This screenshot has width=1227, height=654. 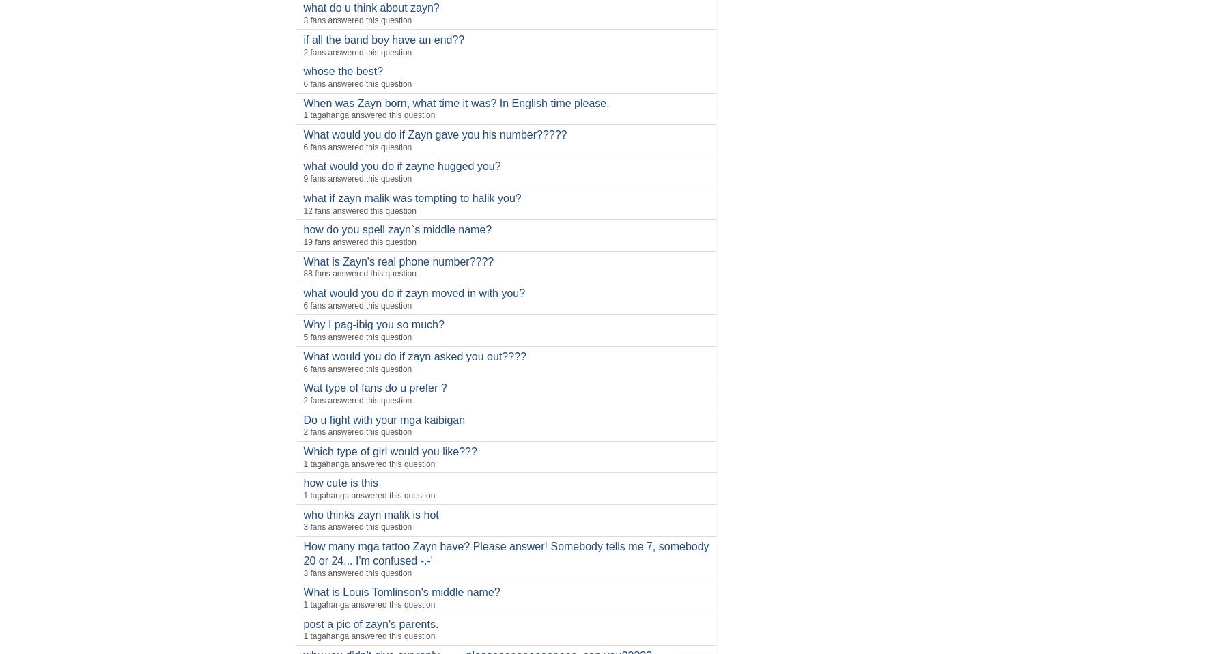 What do you see at coordinates (302, 591) in the screenshot?
I see `'What is Louis Tomlinson's middle name?'` at bounding box center [302, 591].